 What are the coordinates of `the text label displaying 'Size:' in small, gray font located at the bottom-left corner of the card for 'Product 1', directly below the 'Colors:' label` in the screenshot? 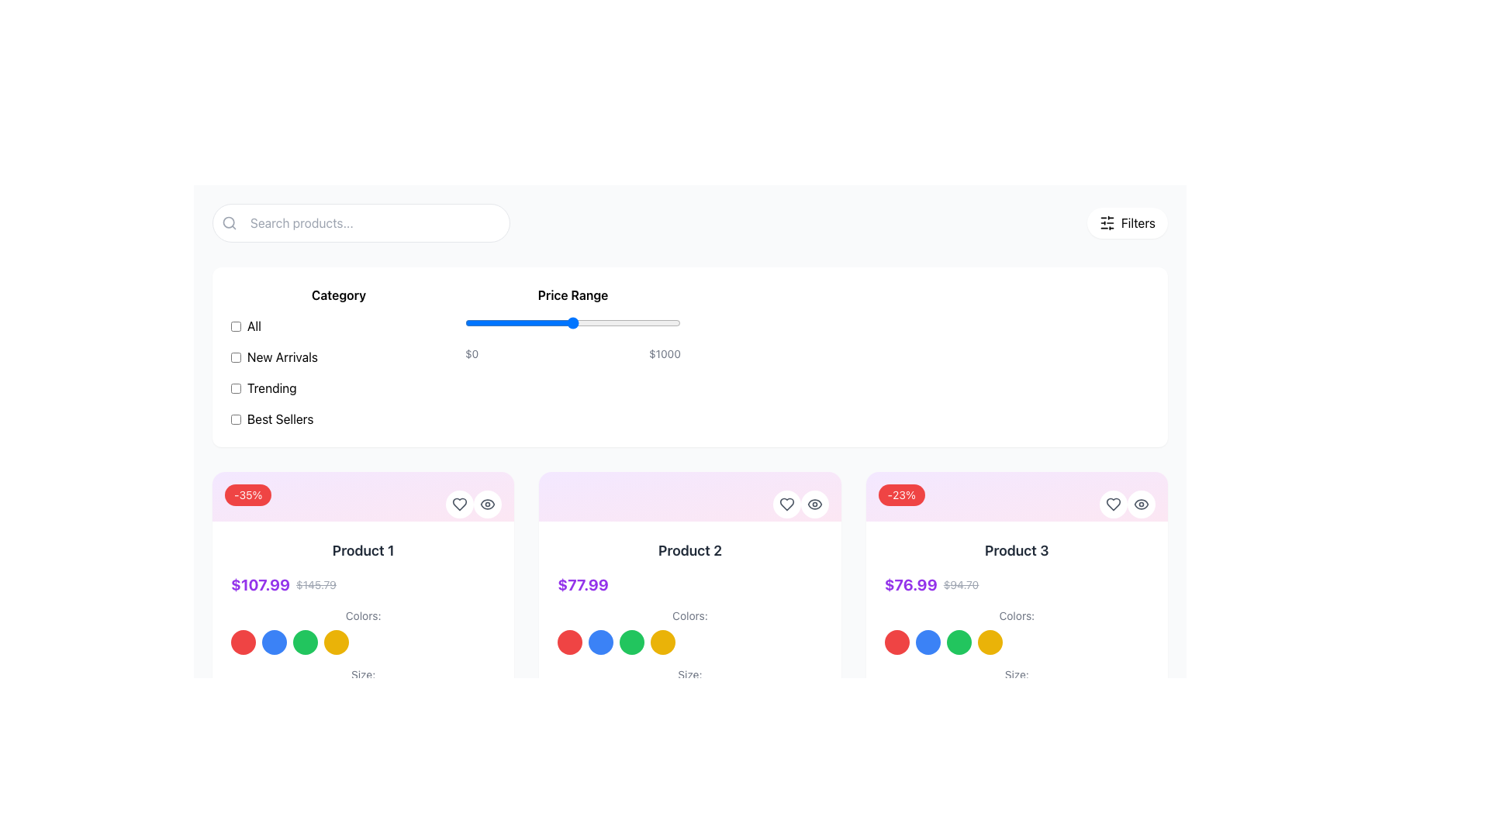 It's located at (362, 674).